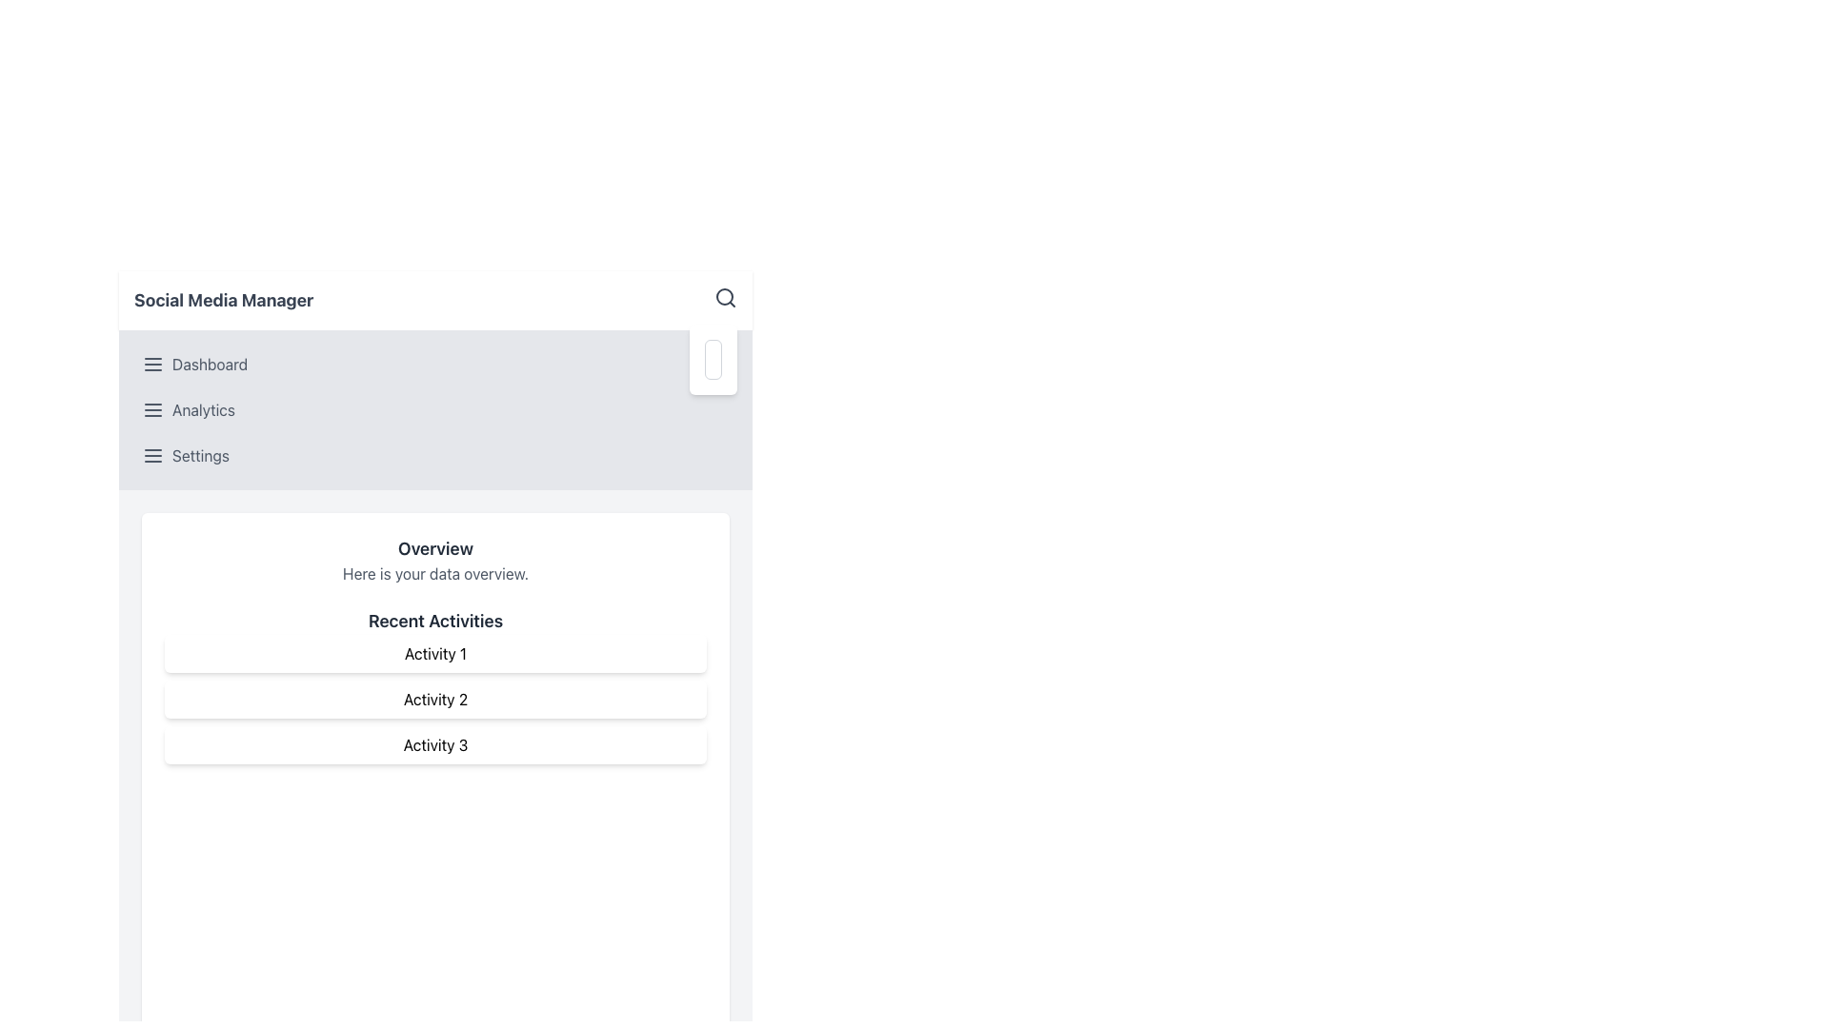 This screenshot has width=1829, height=1028. I want to click on the settings button, which is the third item in the vertical list menu located beneath the 'Analytics' menu item and above the main content area, so click(434, 455).